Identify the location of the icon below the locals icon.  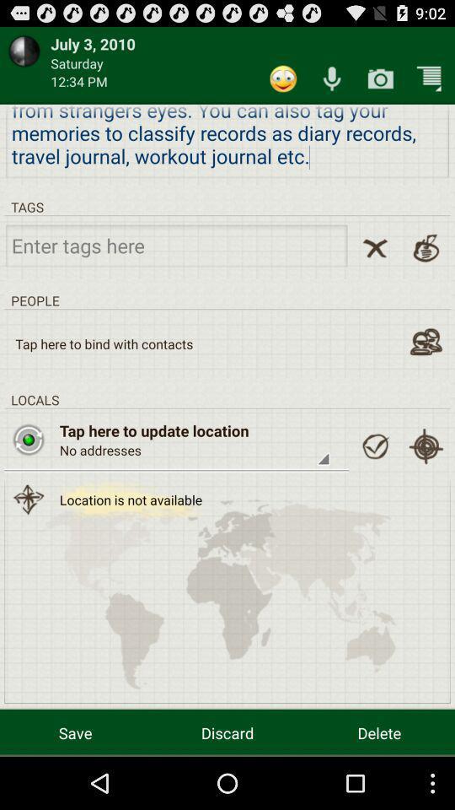
(425, 445).